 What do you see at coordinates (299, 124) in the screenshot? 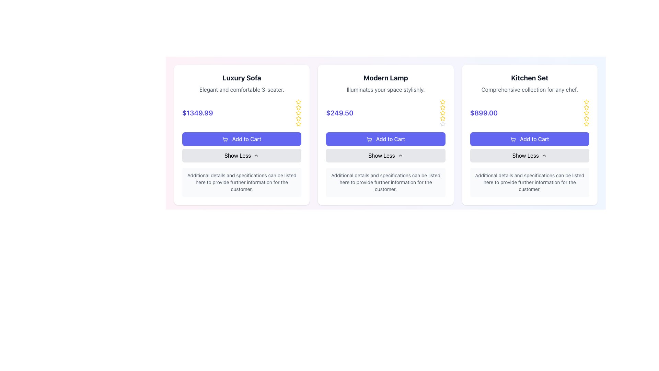
I see `the fifth star icon in the rating system of the 'Luxury Sofa' product card, which represents a 5-star rating` at bounding box center [299, 124].